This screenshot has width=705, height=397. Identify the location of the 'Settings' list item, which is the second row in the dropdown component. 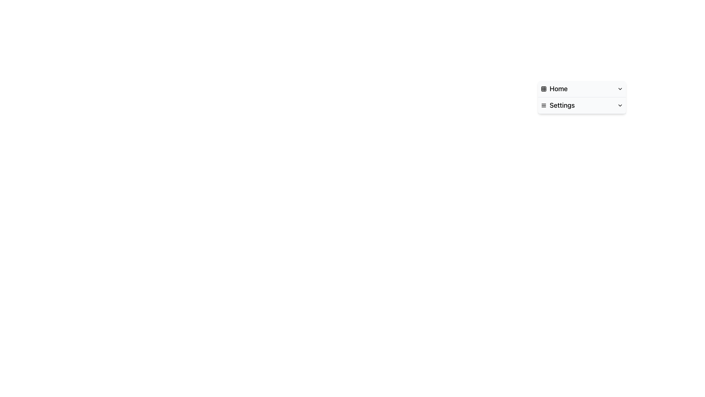
(581, 105).